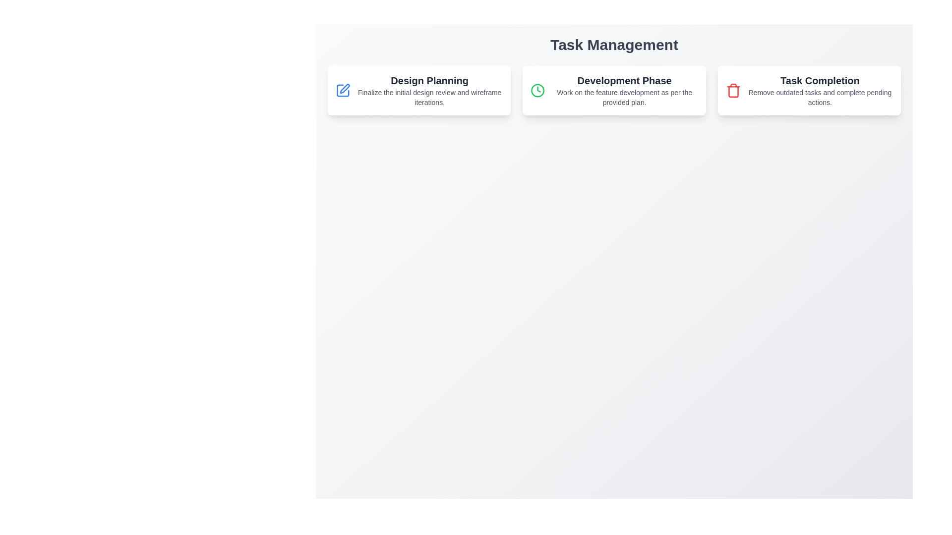  Describe the element at coordinates (733, 90) in the screenshot. I see `the red trash bin icon located to the left of the 'Task Completion' text within the third card at the top row of the interface` at that location.